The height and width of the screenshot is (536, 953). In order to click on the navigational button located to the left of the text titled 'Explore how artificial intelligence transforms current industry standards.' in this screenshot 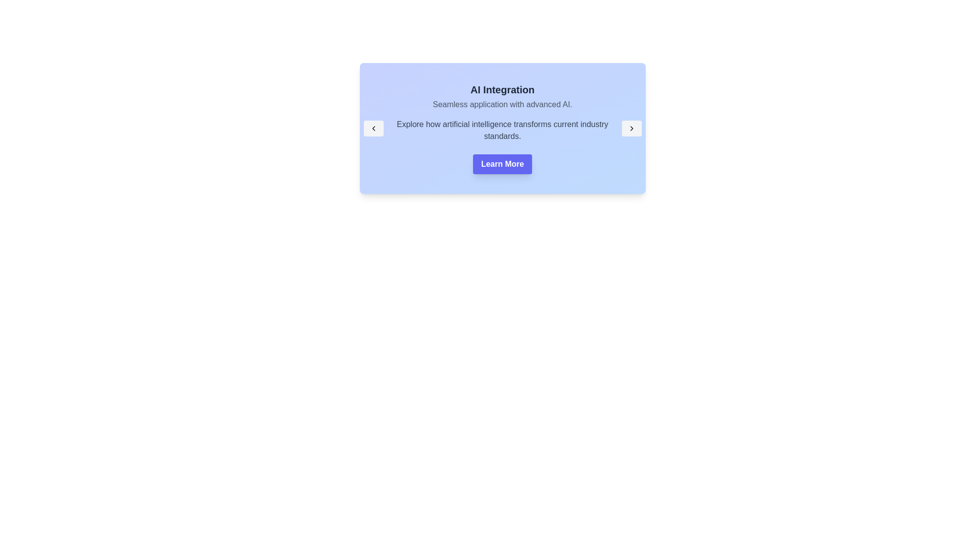, I will do `click(373, 128)`.